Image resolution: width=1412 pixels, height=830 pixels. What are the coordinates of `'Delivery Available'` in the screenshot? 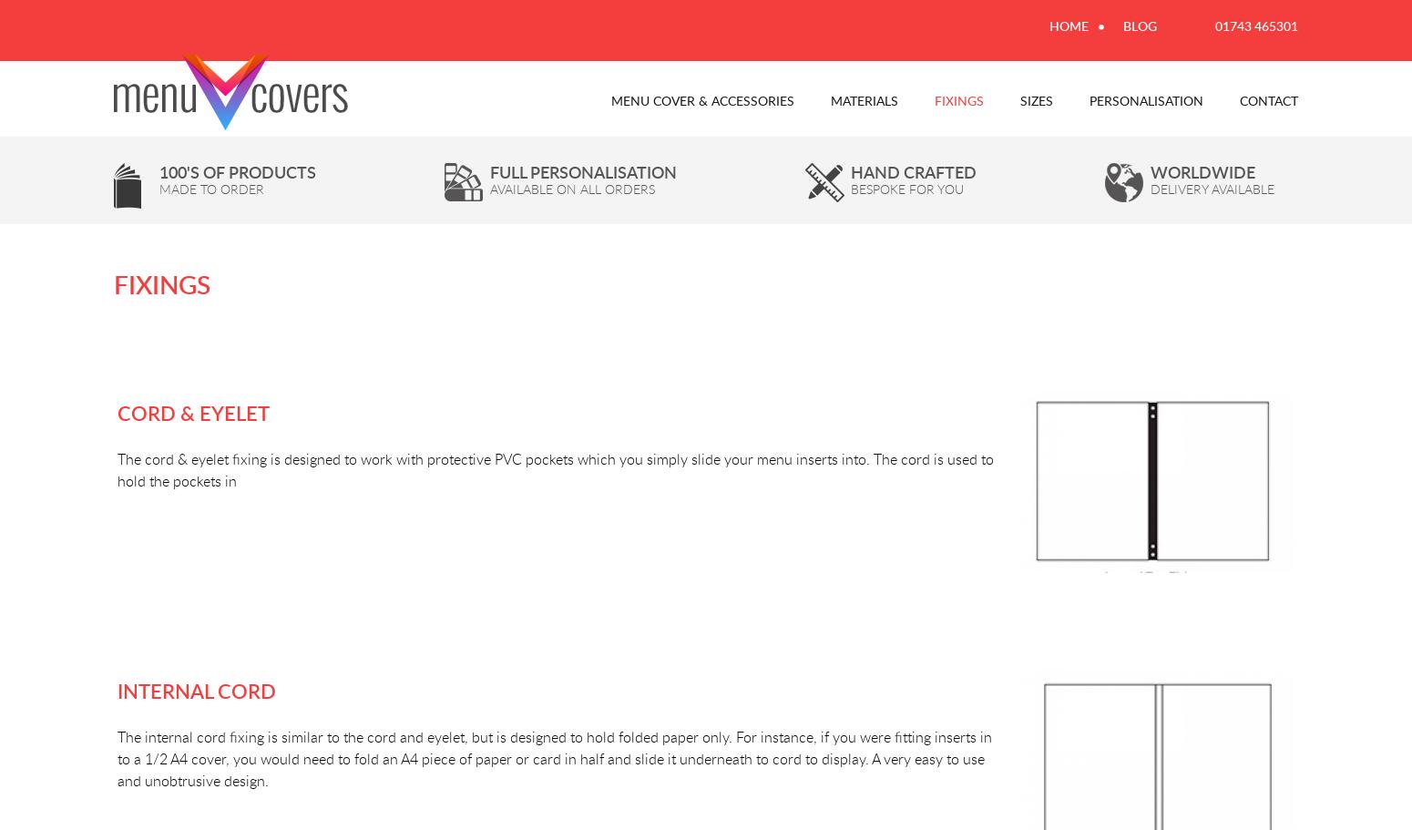 It's located at (1149, 188).